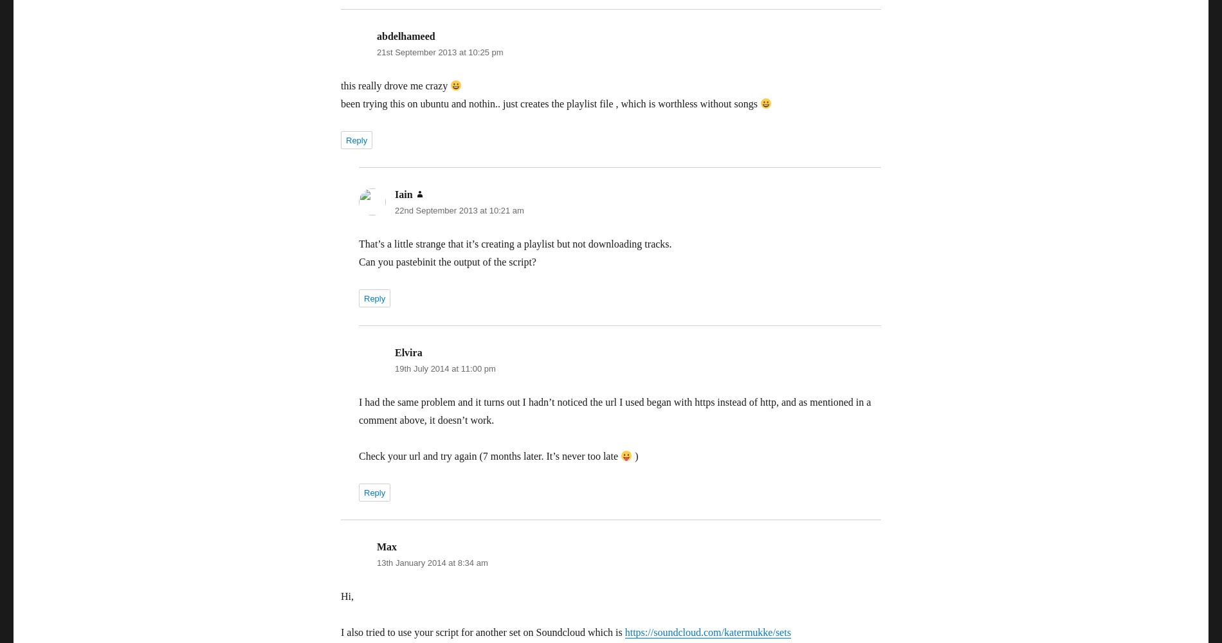 This screenshot has height=643, width=1222. Describe the element at coordinates (396, 86) in the screenshot. I see `'this really drove me crazy'` at that location.